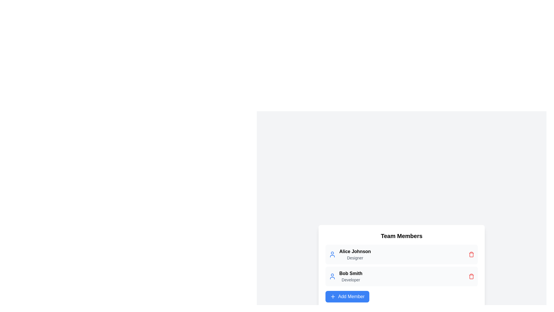  Describe the element at coordinates (333, 296) in the screenshot. I see `the 'Add Member' button, which is visually indicated by the plus sign icon, located at the bottom of the team members list` at that location.